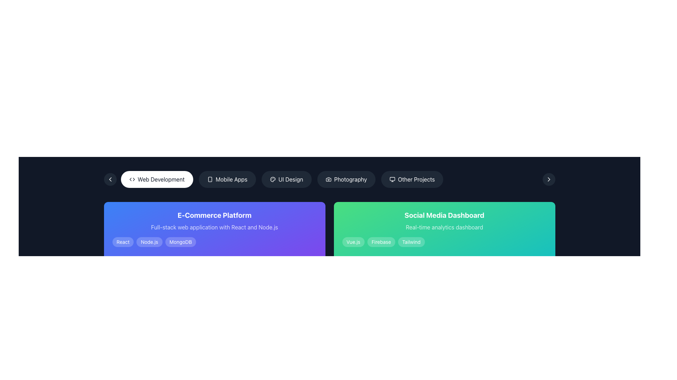 This screenshot has width=677, height=380. What do you see at coordinates (132, 179) in the screenshot?
I see `the code symbol icon represented by the angled brackets ('<', '>') located to the left of the text 'Web Development' in the navigation menu` at bounding box center [132, 179].